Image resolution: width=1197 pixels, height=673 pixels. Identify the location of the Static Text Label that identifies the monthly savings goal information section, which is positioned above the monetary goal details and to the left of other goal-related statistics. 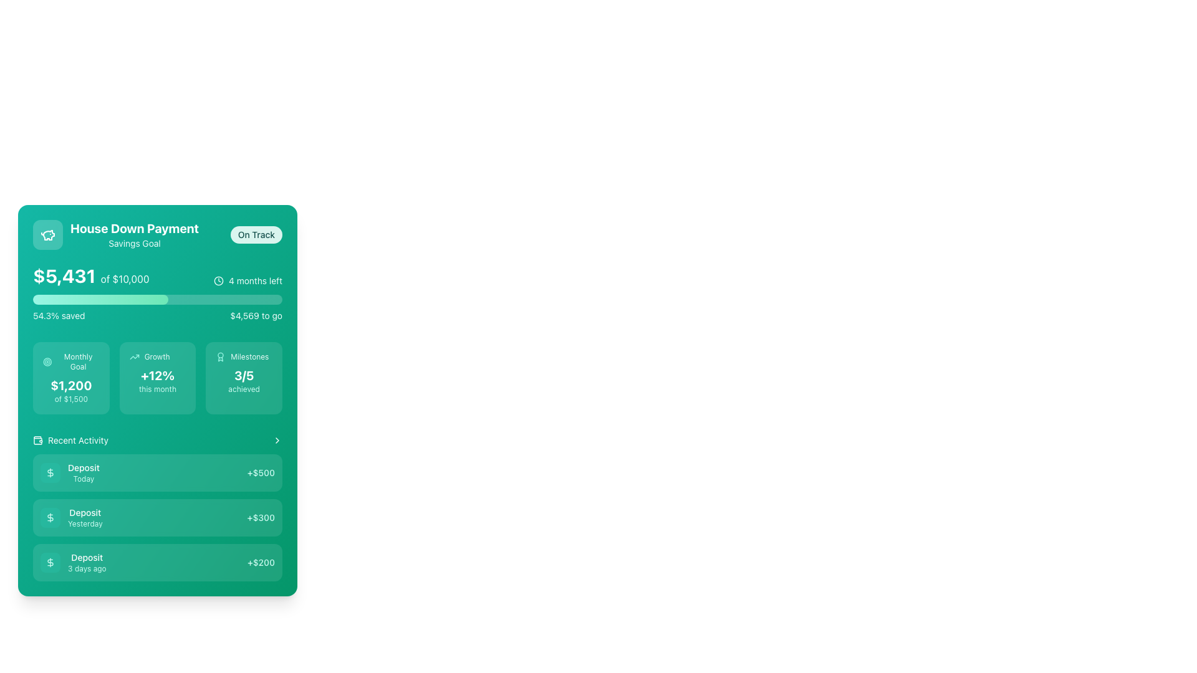
(77, 362).